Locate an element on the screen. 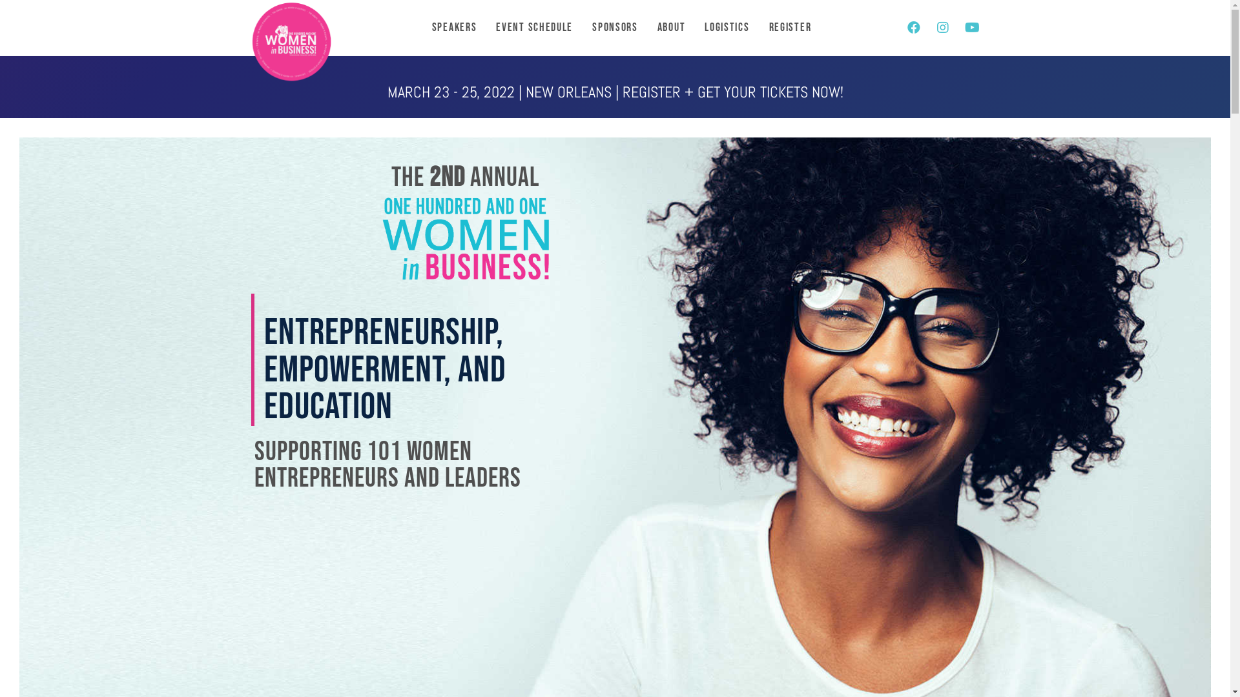 The width and height of the screenshot is (1240, 697). 'About' is located at coordinates (672, 27).